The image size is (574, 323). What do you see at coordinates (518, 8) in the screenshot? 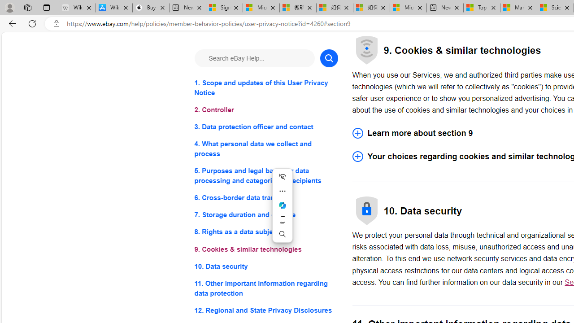
I see `'Marine life - MSN'` at bounding box center [518, 8].